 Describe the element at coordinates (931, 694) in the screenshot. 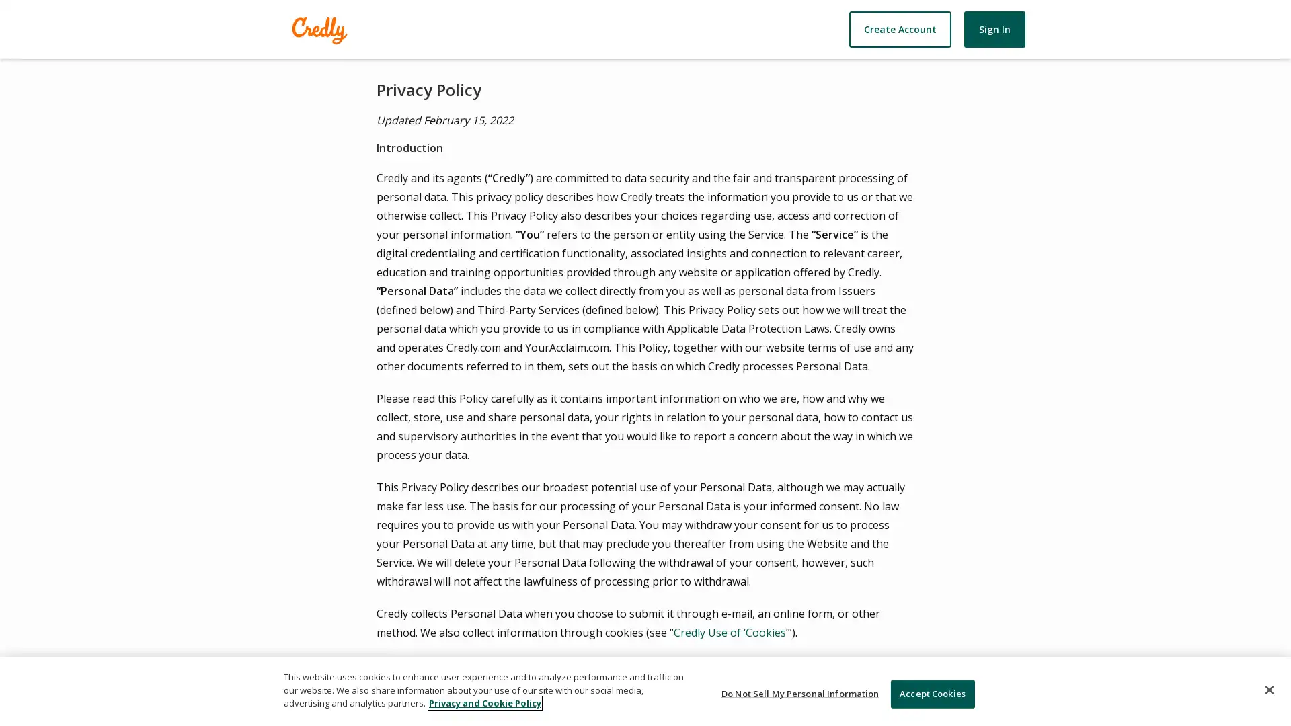

I see `Accept Cookies` at that location.